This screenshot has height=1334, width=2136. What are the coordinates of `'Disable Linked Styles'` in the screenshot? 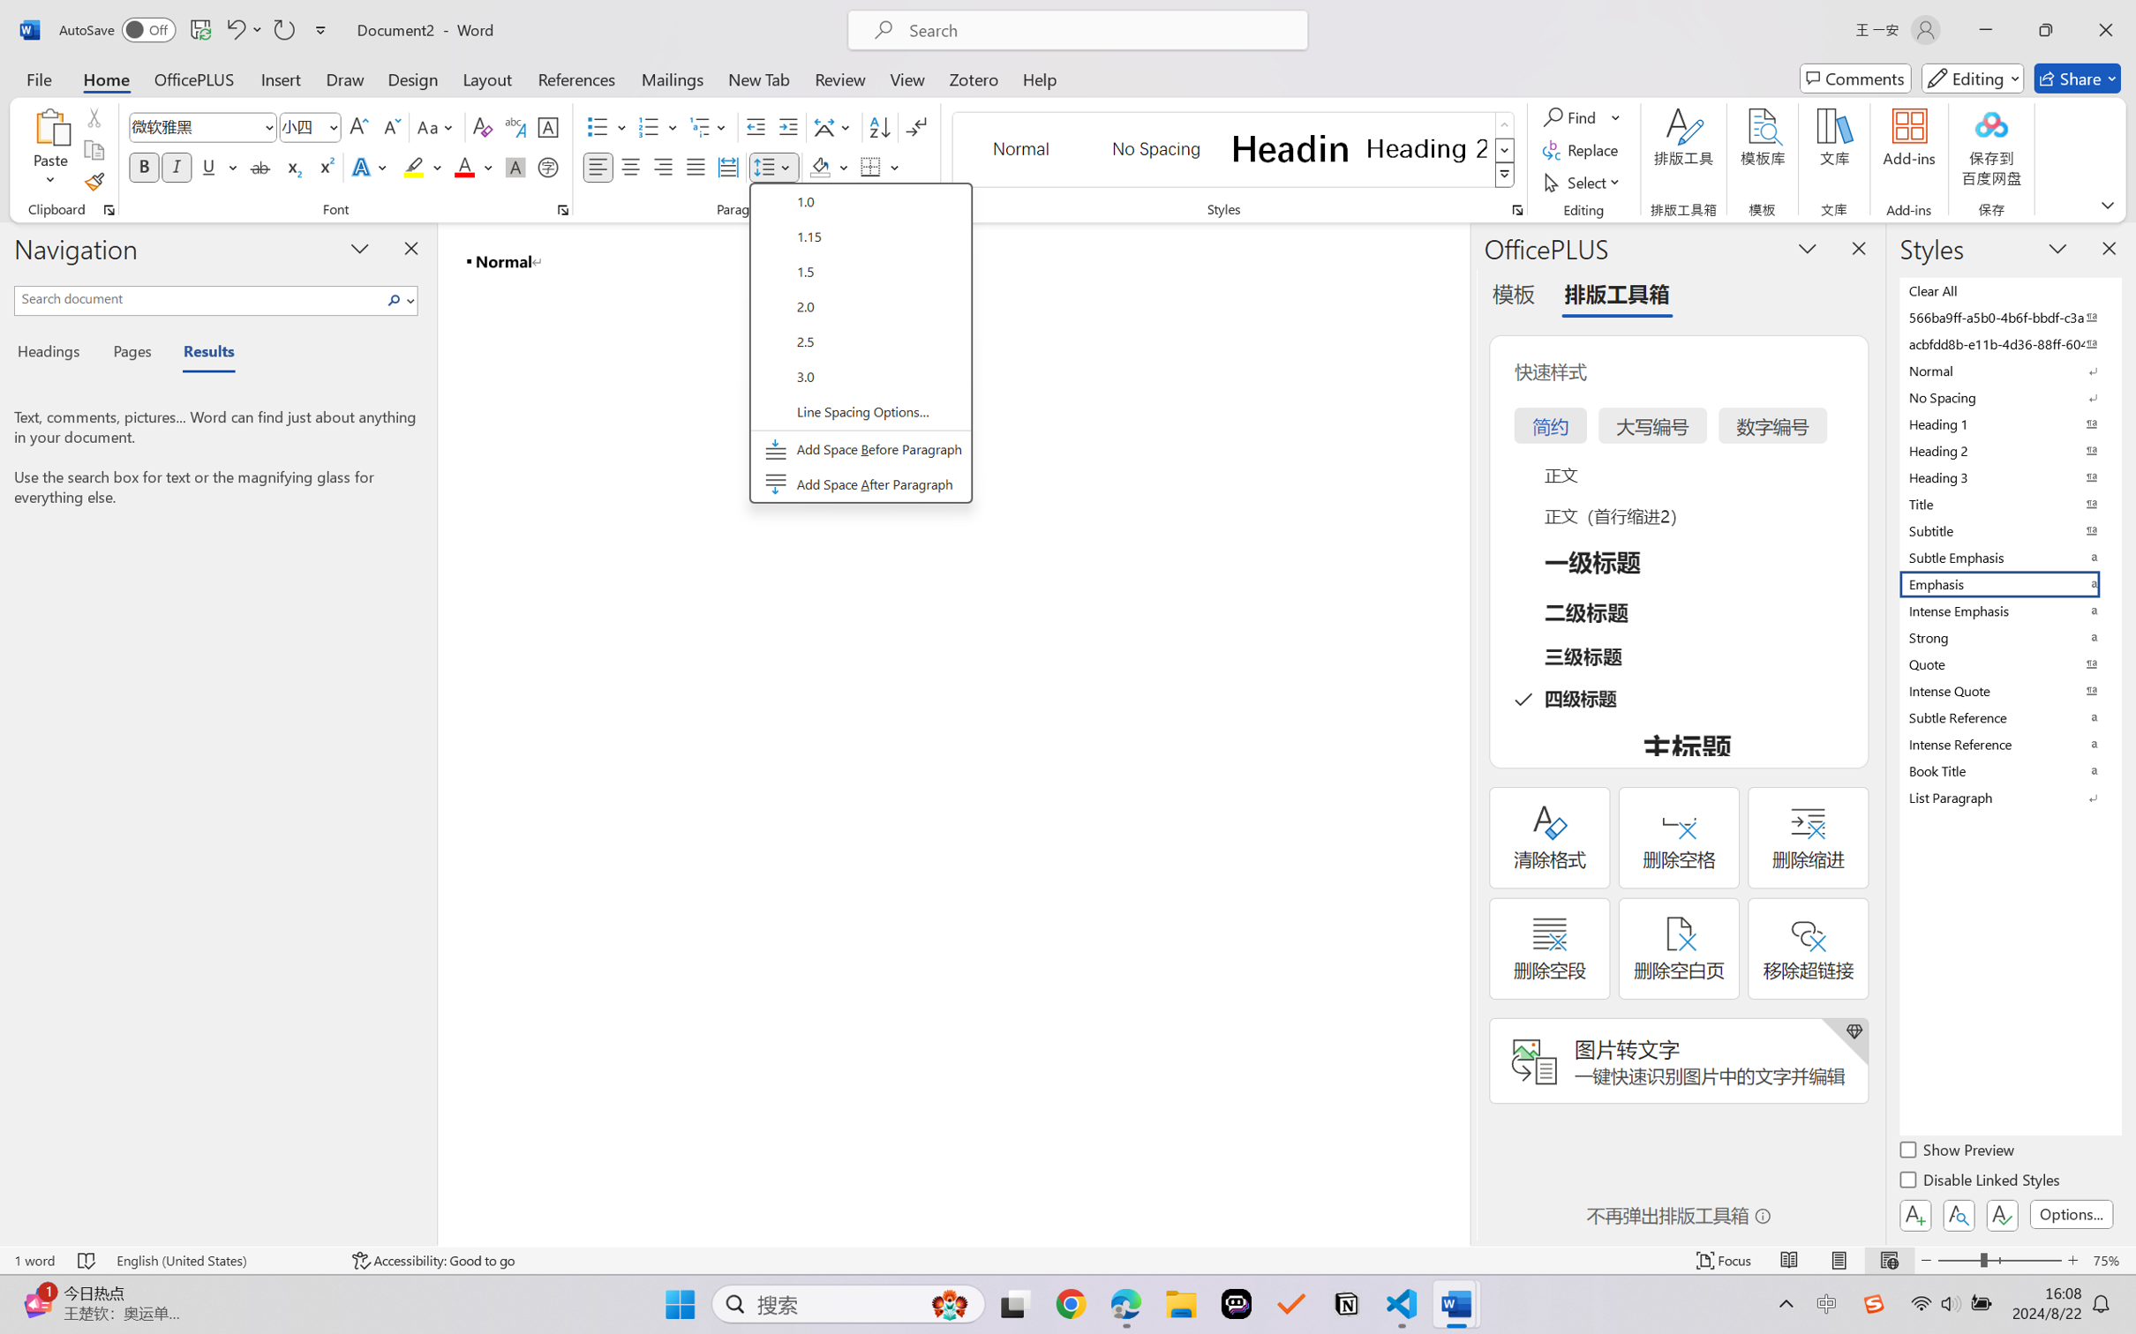 It's located at (1980, 1181).